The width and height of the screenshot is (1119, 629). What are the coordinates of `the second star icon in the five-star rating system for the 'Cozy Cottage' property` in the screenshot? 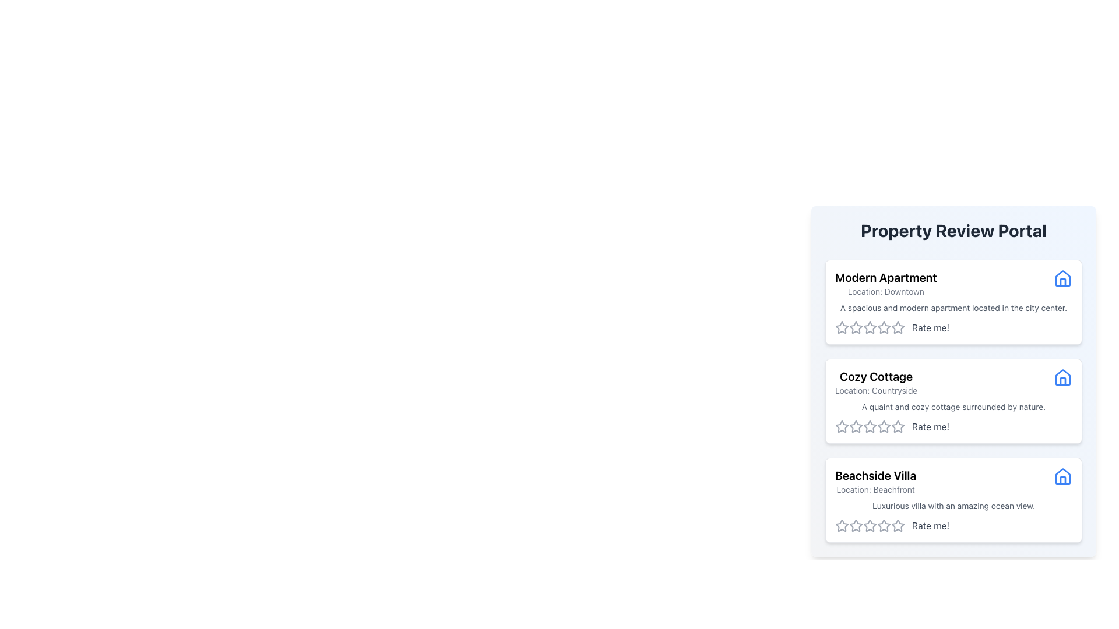 It's located at (856, 426).